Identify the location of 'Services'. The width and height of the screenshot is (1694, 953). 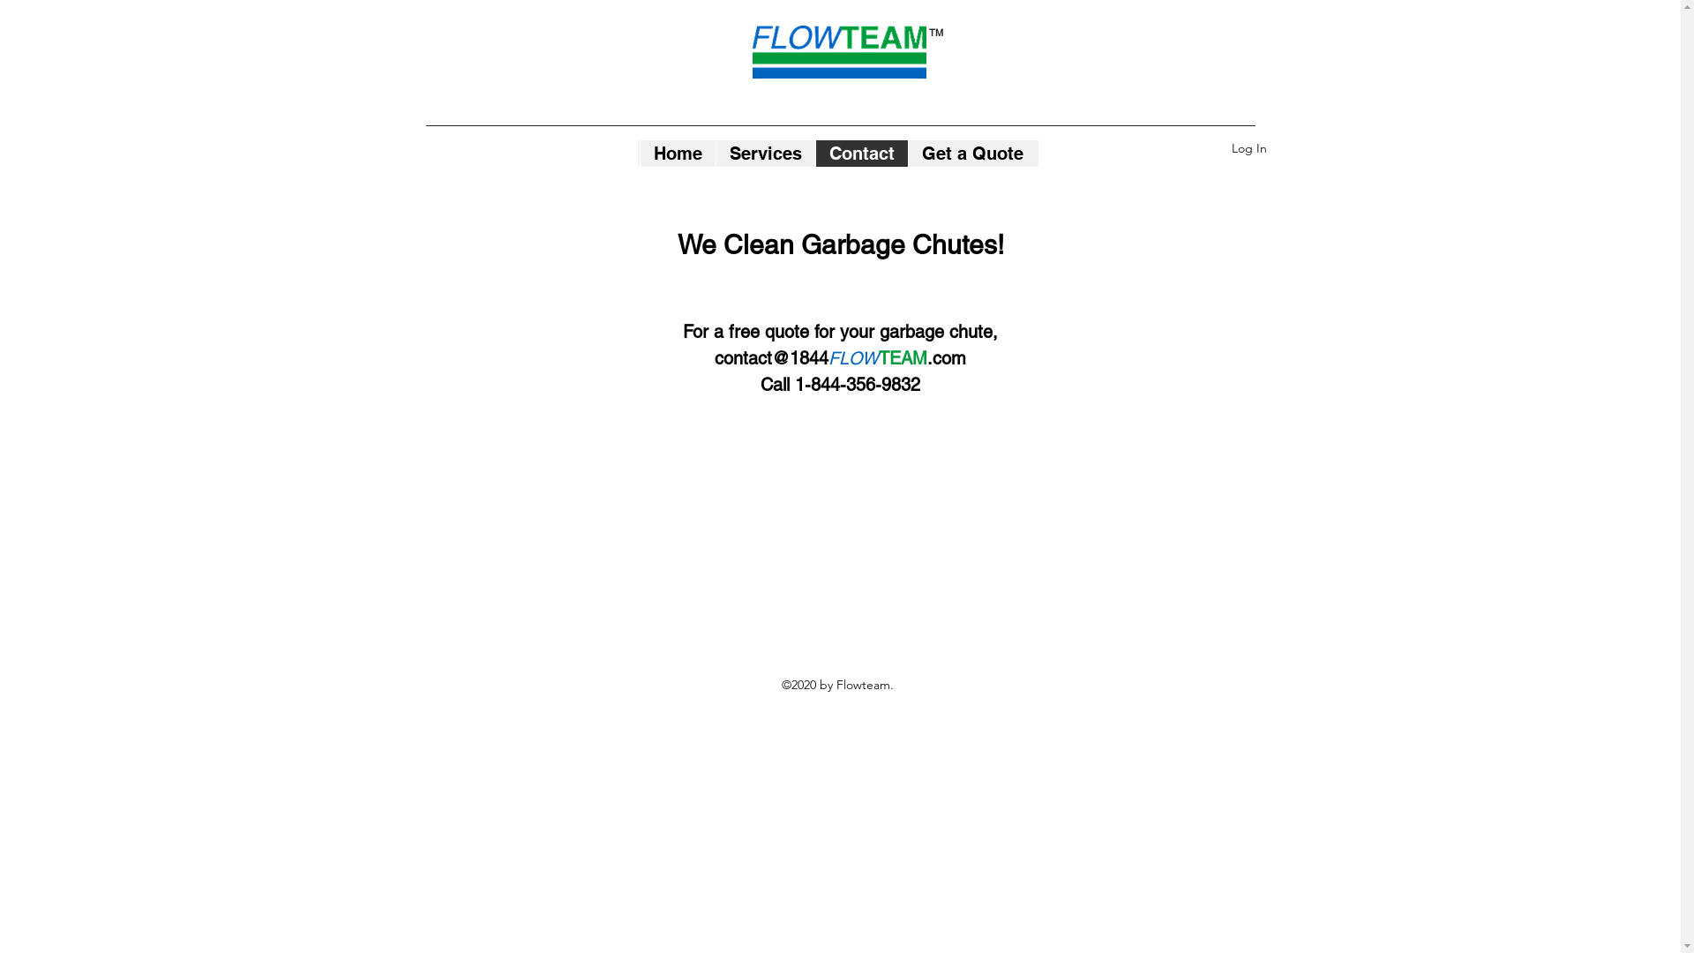
(715, 152).